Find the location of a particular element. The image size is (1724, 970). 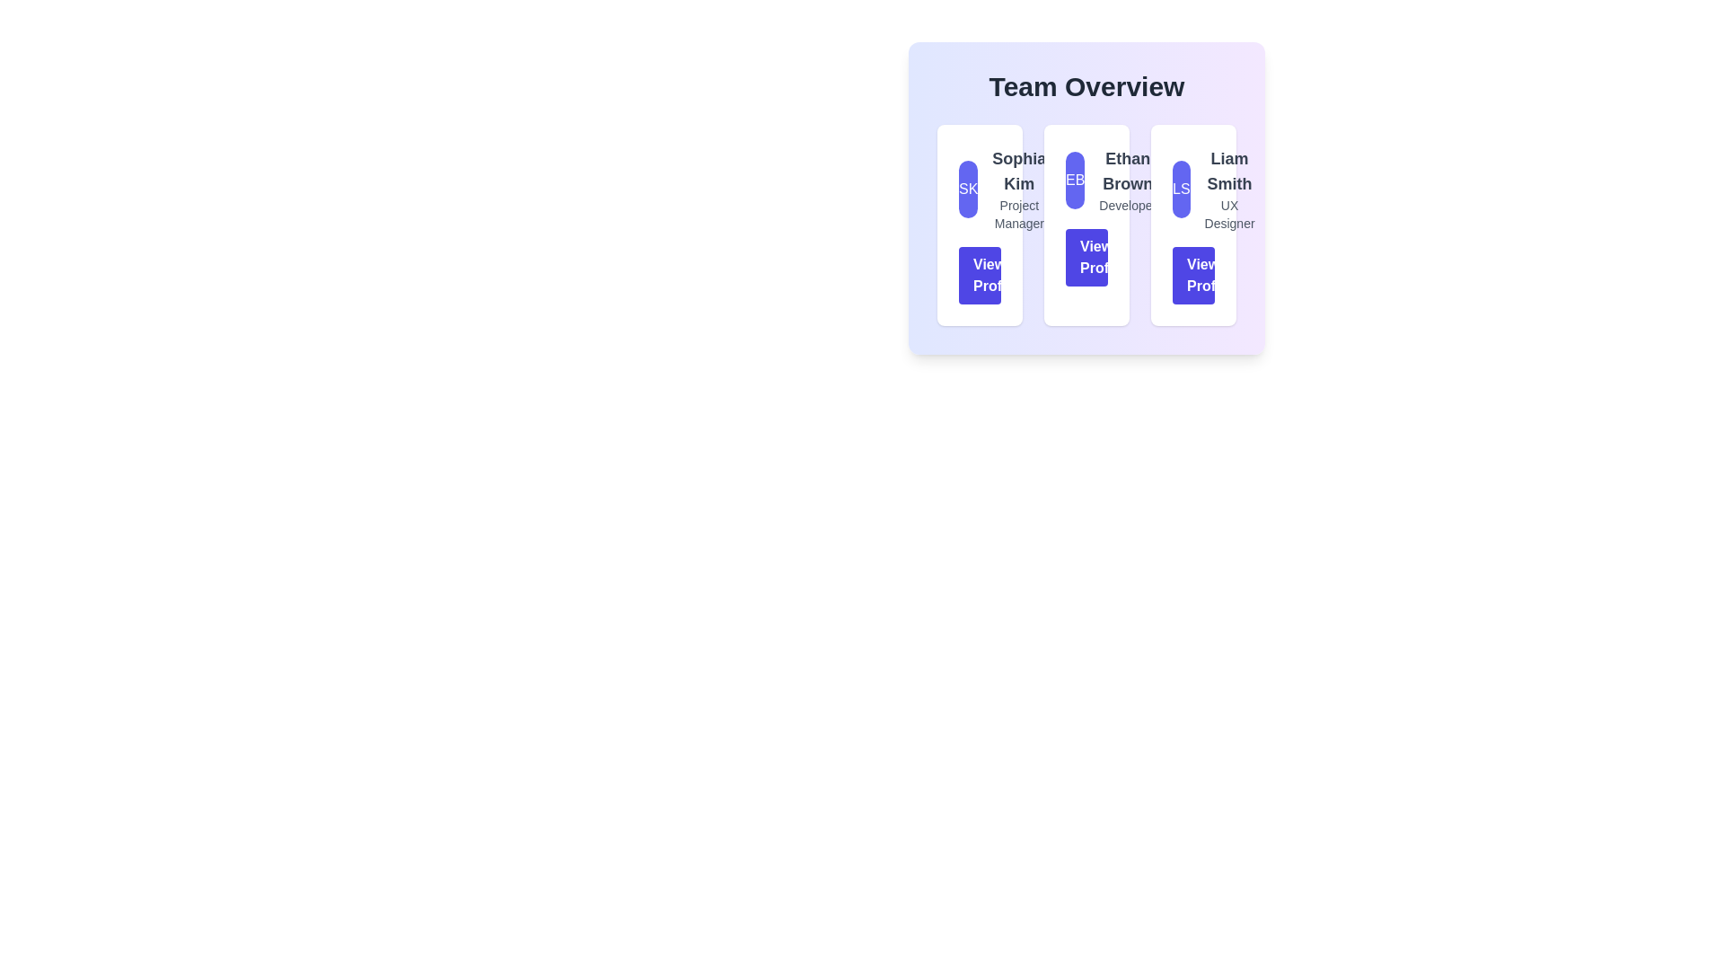

the 'View Profile' button located at the bottom of the Profile Card for Liam Smith, which includes a circular icon with initials 'LS' and the occupation 'UX Designer' is located at coordinates (1193, 224).